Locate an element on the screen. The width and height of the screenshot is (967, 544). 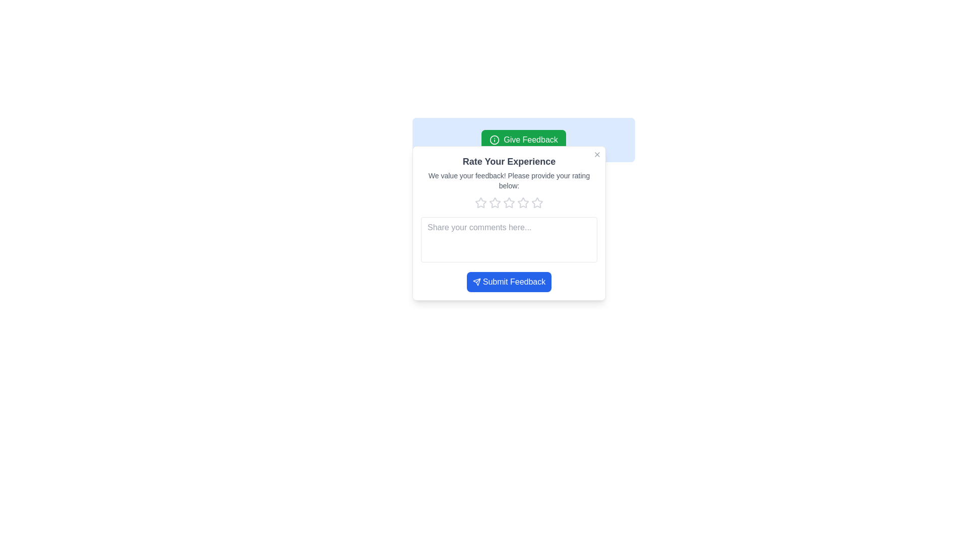
from the second star-shaped icon in the five-star rating system is located at coordinates (509, 202).